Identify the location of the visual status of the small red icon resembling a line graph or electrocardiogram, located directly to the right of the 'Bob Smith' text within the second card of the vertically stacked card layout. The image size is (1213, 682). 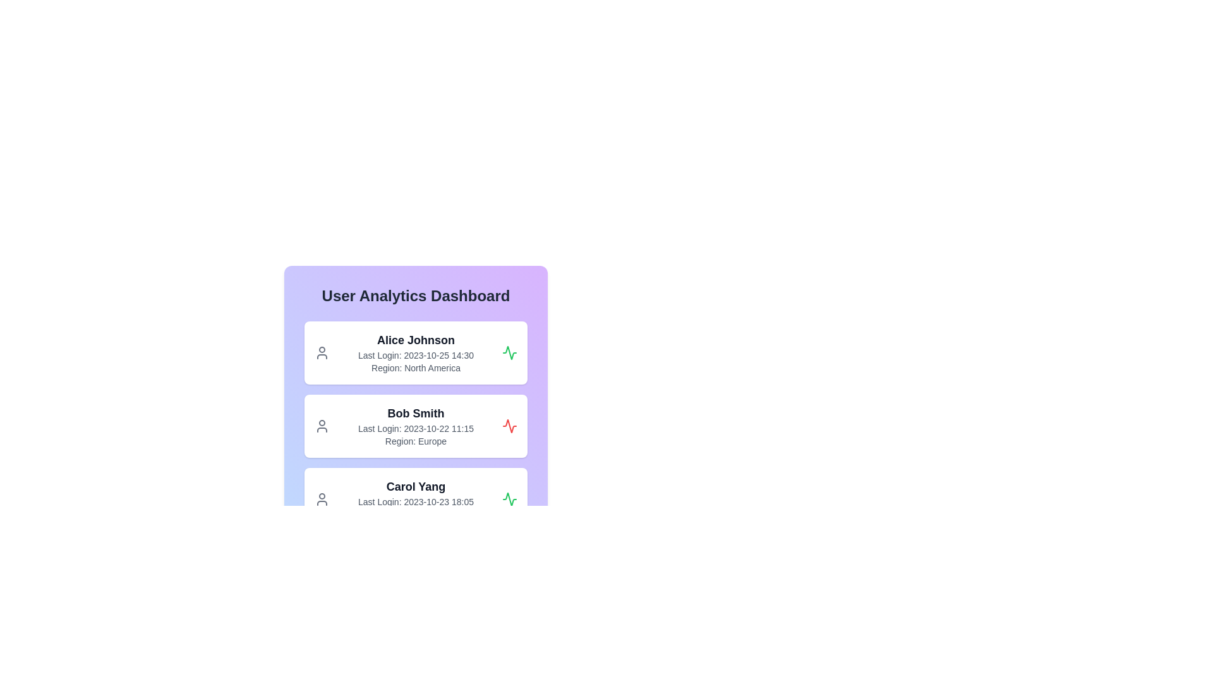
(509, 426).